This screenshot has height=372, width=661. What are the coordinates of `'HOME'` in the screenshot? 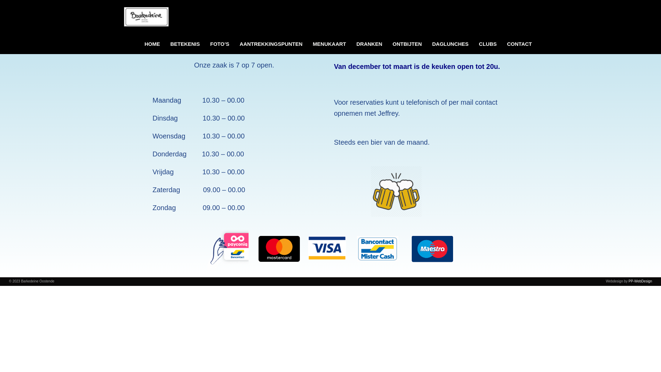 It's located at (152, 44).